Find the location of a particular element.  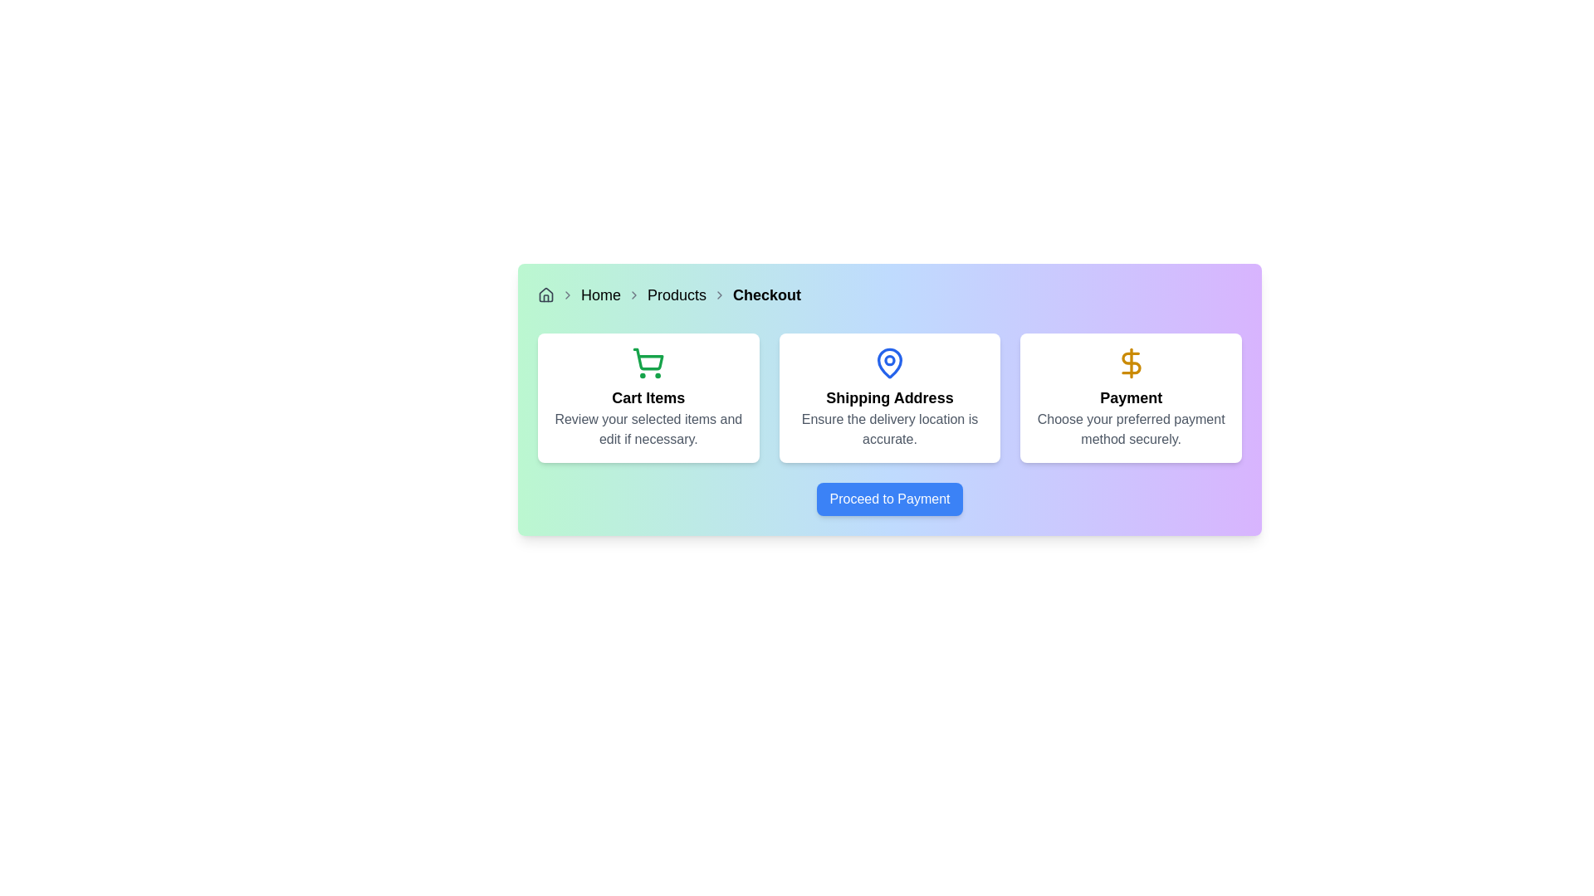

the button that navigates to the payment section of the website, located centrally at the bottom of a card-like section with a gradient background beneath 'Cart Items', 'Shipping Address', and 'Payment' is located at coordinates (888, 498).